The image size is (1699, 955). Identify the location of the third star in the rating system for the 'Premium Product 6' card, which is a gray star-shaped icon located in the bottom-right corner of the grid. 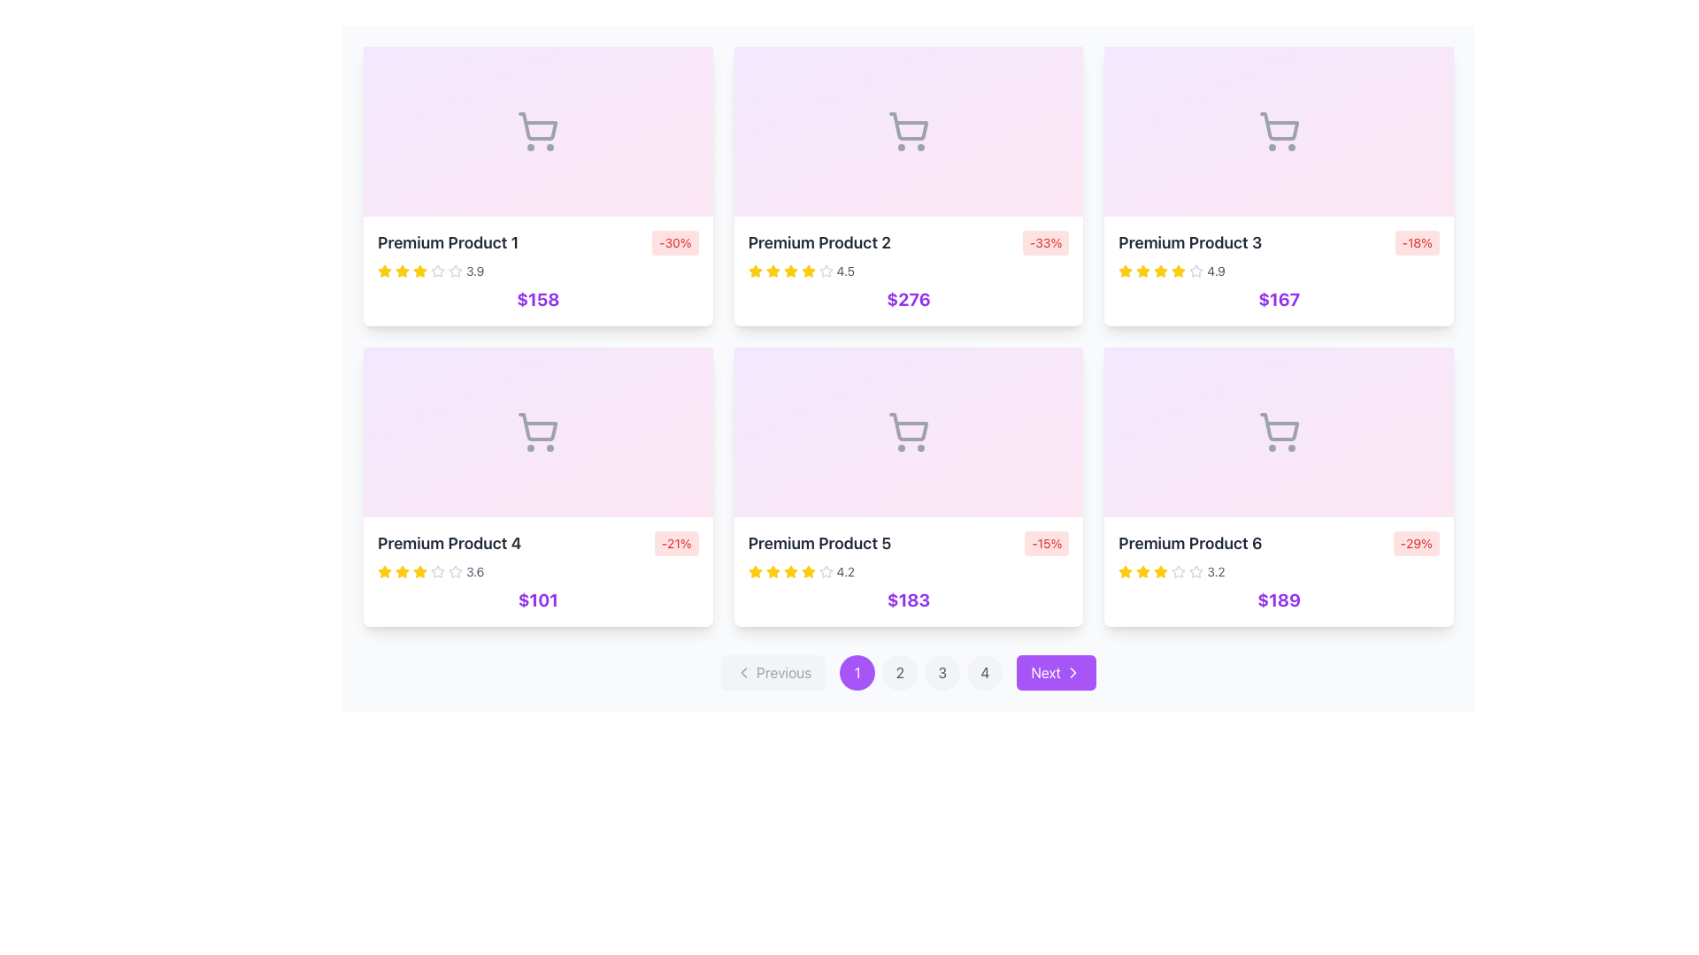
(1196, 571).